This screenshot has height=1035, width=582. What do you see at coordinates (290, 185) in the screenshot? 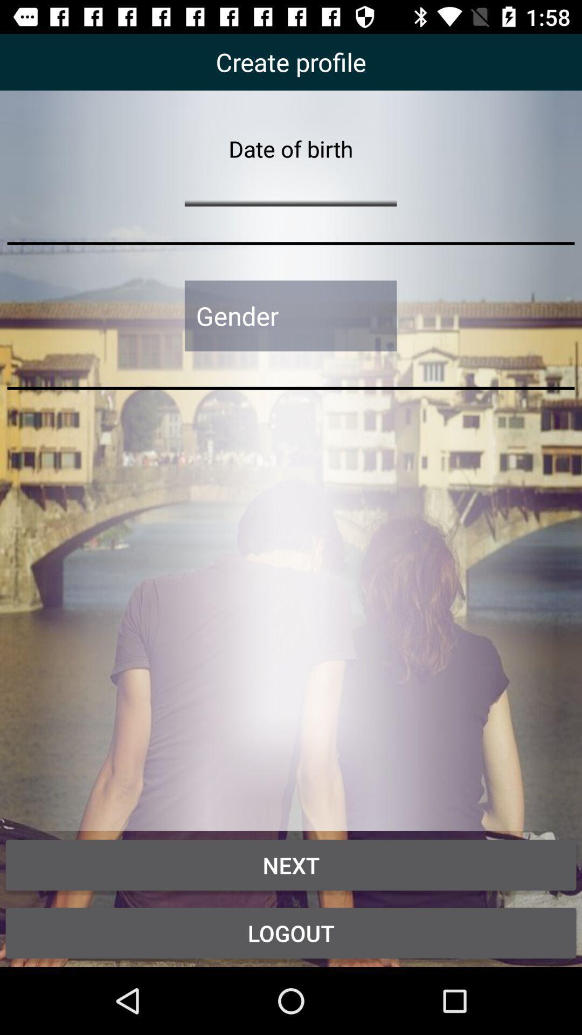
I see `place to enter the date of birth` at bounding box center [290, 185].